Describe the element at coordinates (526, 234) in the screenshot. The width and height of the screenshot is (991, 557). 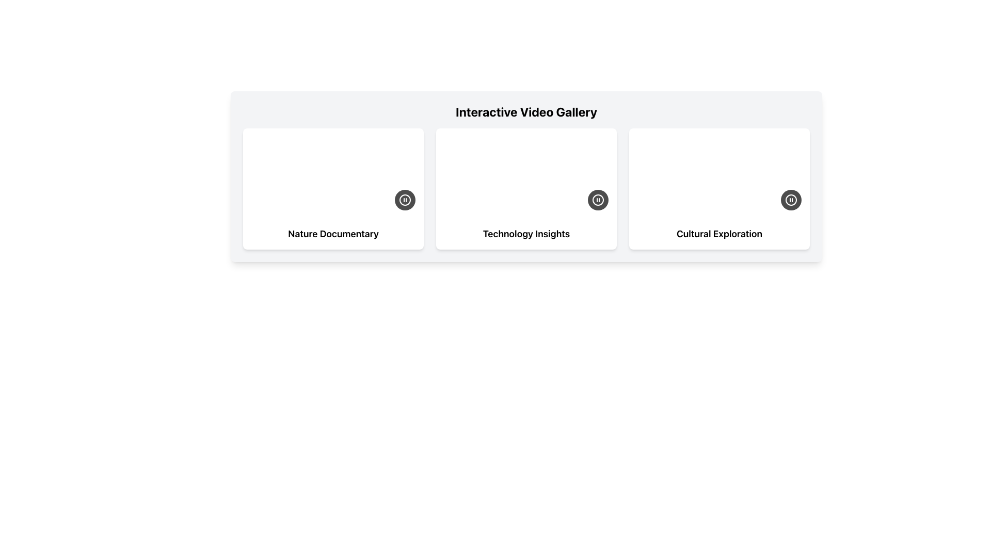
I see `the text label displaying 'Technology Insights' for accessibility navigation` at that location.